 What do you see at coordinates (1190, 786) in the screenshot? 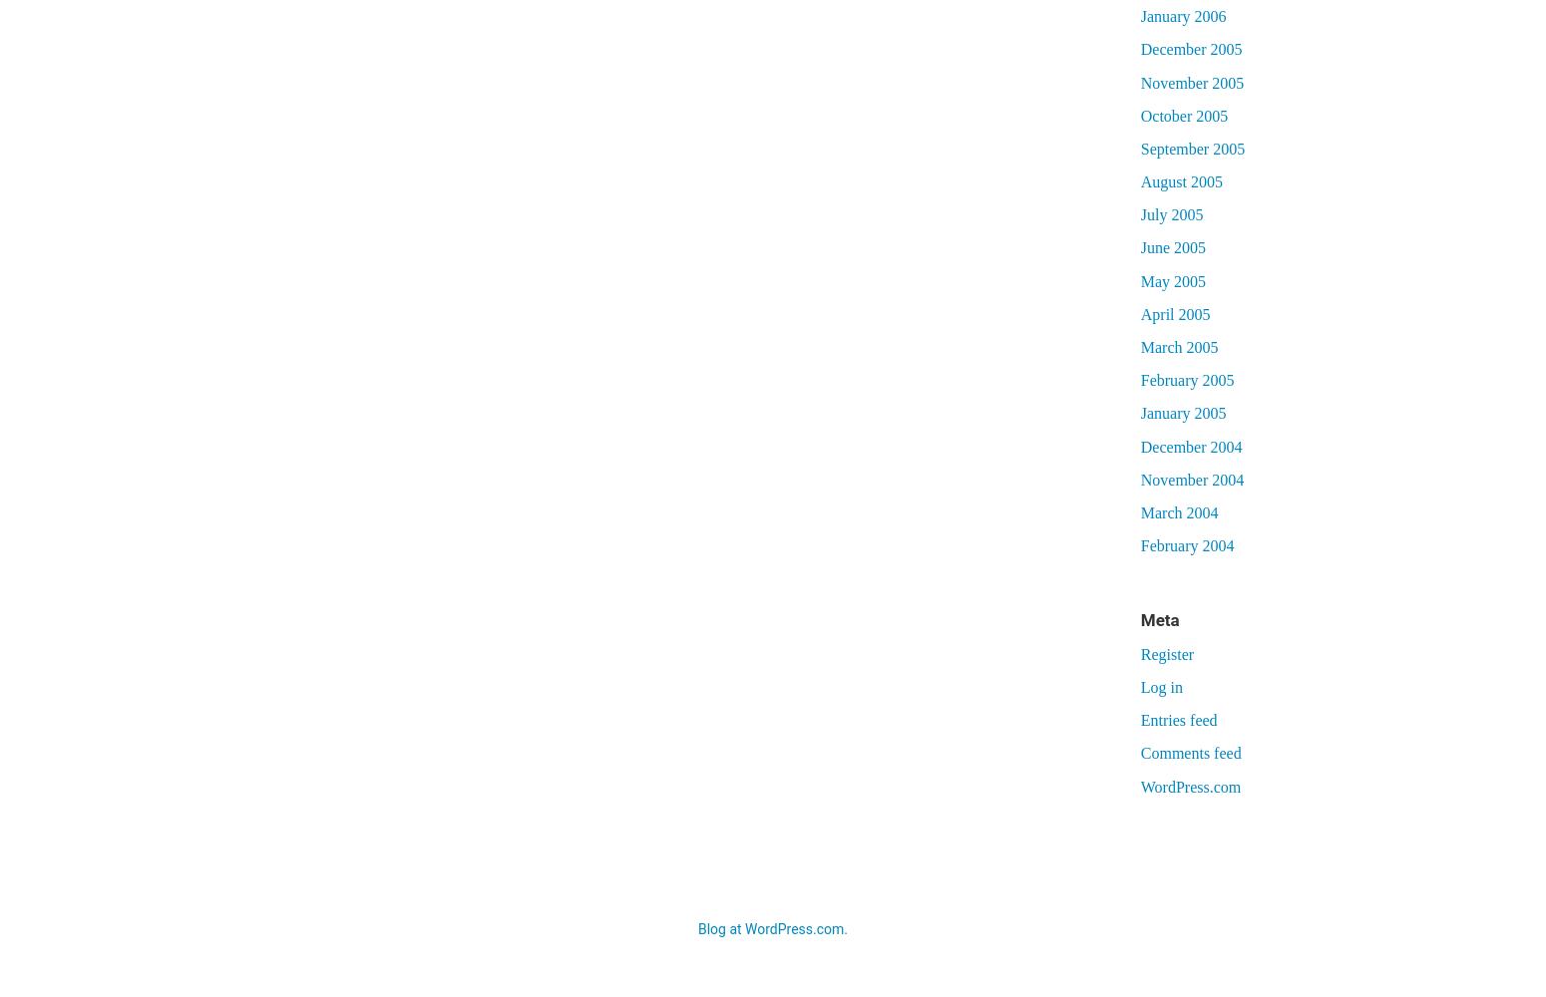
I see `'WordPress.com'` at bounding box center [1190, 786].